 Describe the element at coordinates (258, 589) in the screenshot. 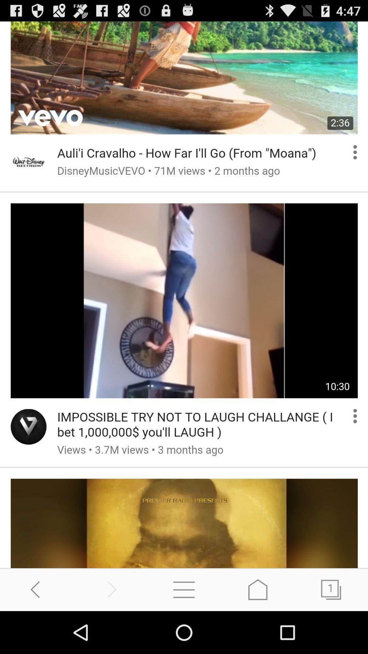

I see `save` at that location.